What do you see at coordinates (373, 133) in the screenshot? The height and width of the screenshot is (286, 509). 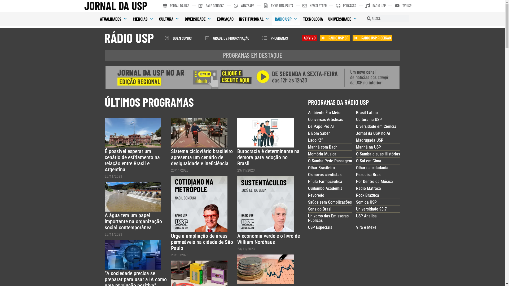 I see `'Jornal da USP no Ar'` at bounding box center [373, 133].